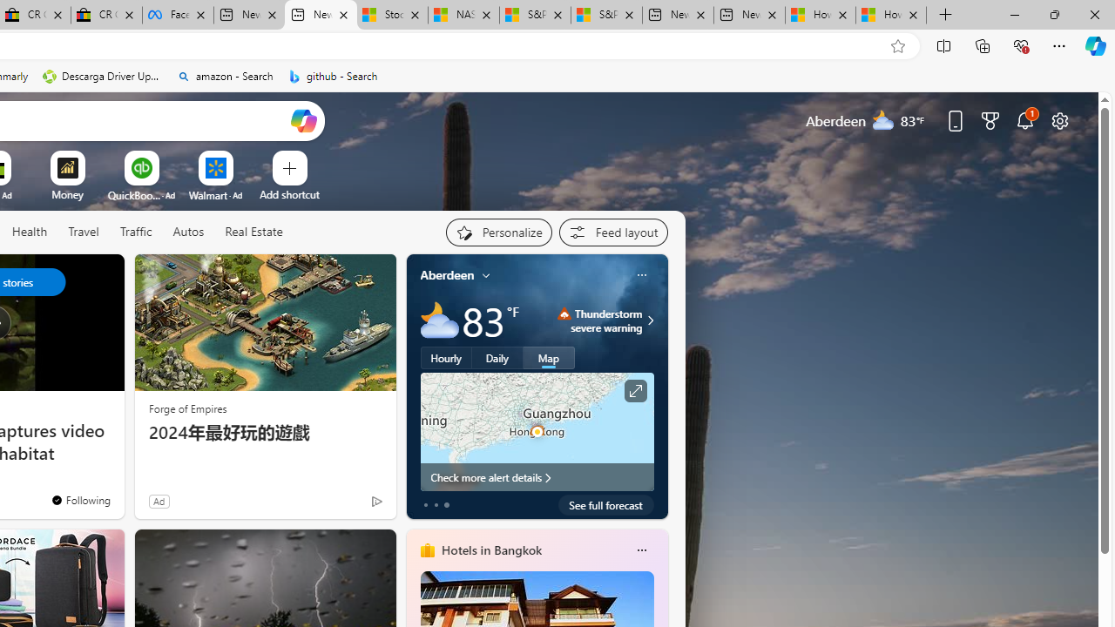  I want to click on 'Descarga Driver Updater', so click(102, 76).